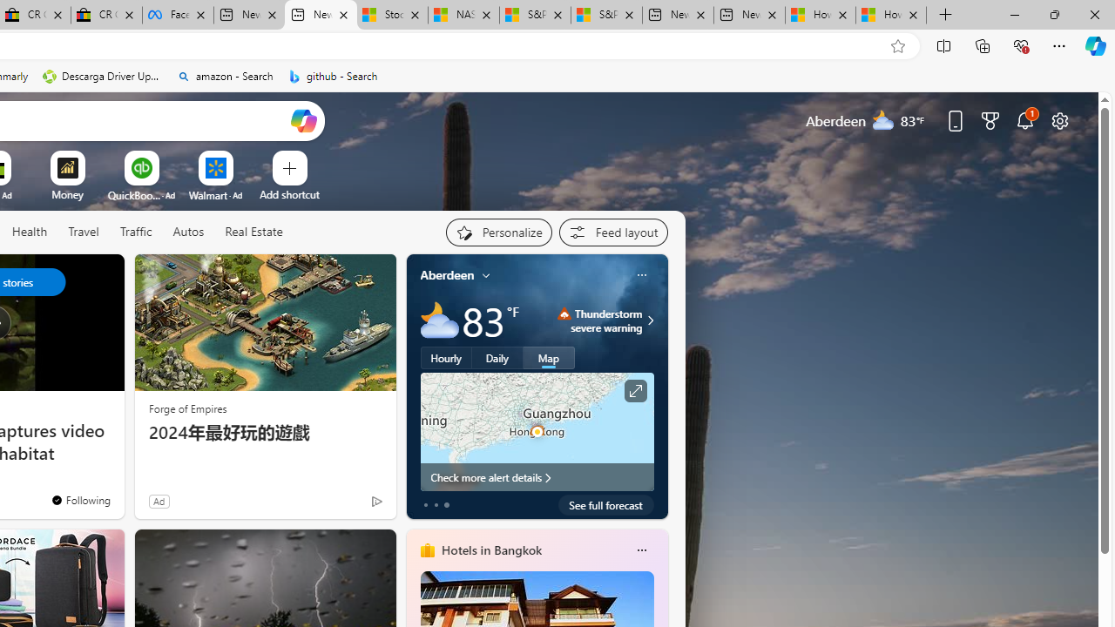  I want to click on 'Descarga Driver Updater', so click(102, 76).